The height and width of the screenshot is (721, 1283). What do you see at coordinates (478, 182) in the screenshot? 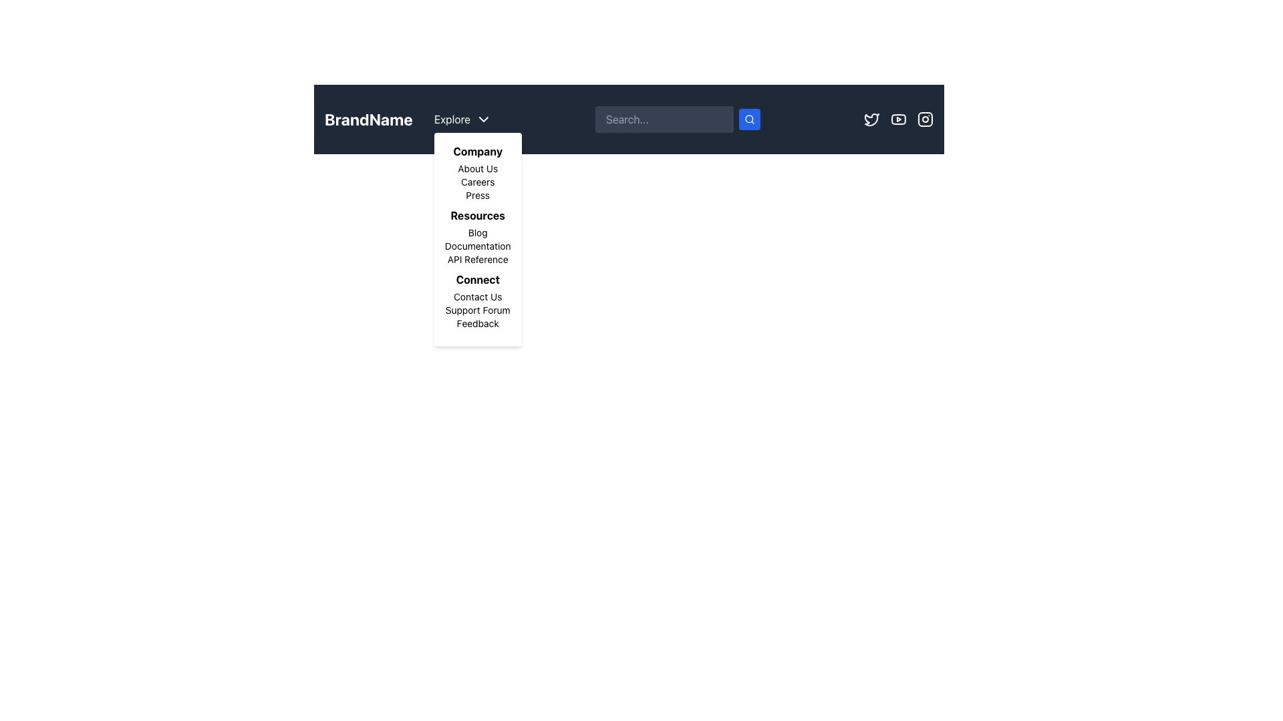
I see `the 'Careers' navigation link in the dropdown menu` at bounding box center [478, 182].